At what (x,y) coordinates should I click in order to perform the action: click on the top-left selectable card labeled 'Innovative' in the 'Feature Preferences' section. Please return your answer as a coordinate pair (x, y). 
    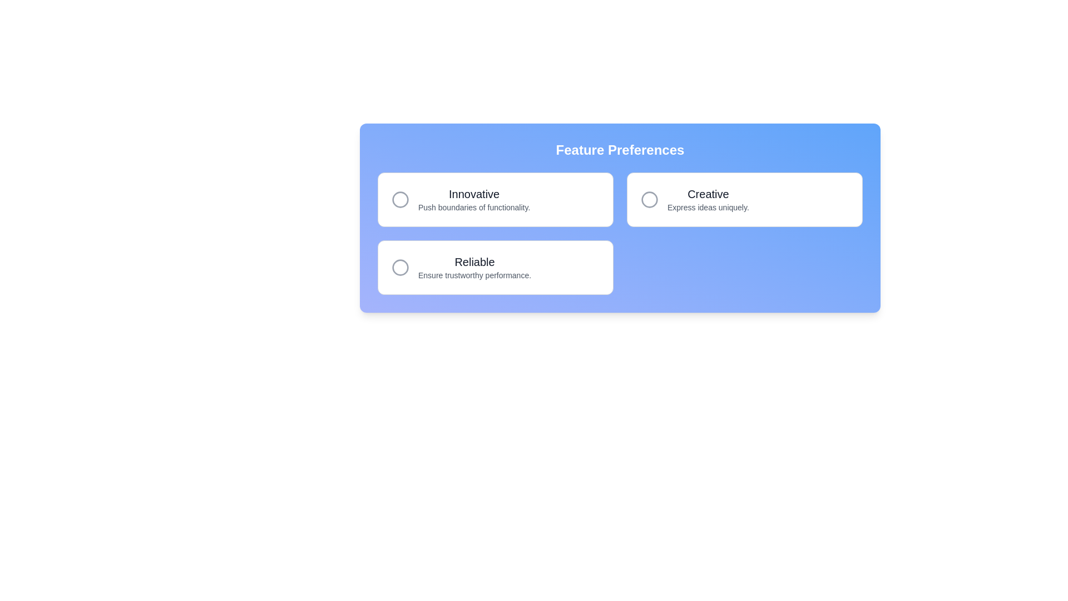
    Looking at the image, I should click on (495, 199).